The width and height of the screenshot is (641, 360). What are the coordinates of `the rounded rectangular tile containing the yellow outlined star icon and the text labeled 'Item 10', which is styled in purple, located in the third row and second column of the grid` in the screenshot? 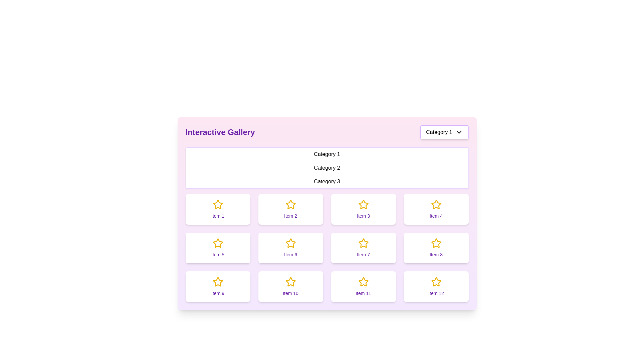 It's located at (290, 286).